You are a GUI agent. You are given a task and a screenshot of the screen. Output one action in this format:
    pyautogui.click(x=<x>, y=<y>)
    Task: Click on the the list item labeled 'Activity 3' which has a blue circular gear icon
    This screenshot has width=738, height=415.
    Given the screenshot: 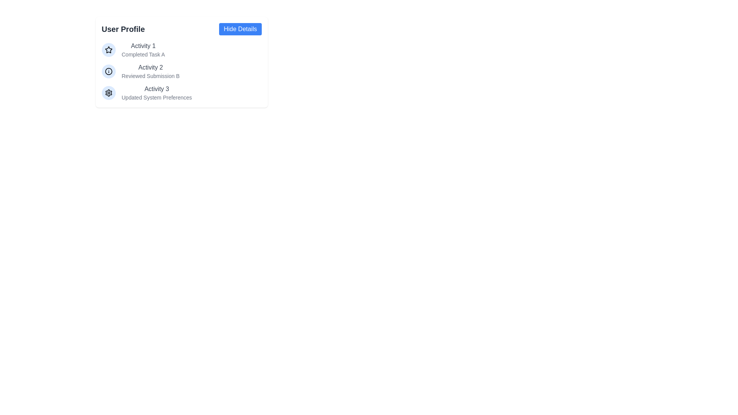 What is the action you would take?
    pyautogui.click(x=181, y=93)
    